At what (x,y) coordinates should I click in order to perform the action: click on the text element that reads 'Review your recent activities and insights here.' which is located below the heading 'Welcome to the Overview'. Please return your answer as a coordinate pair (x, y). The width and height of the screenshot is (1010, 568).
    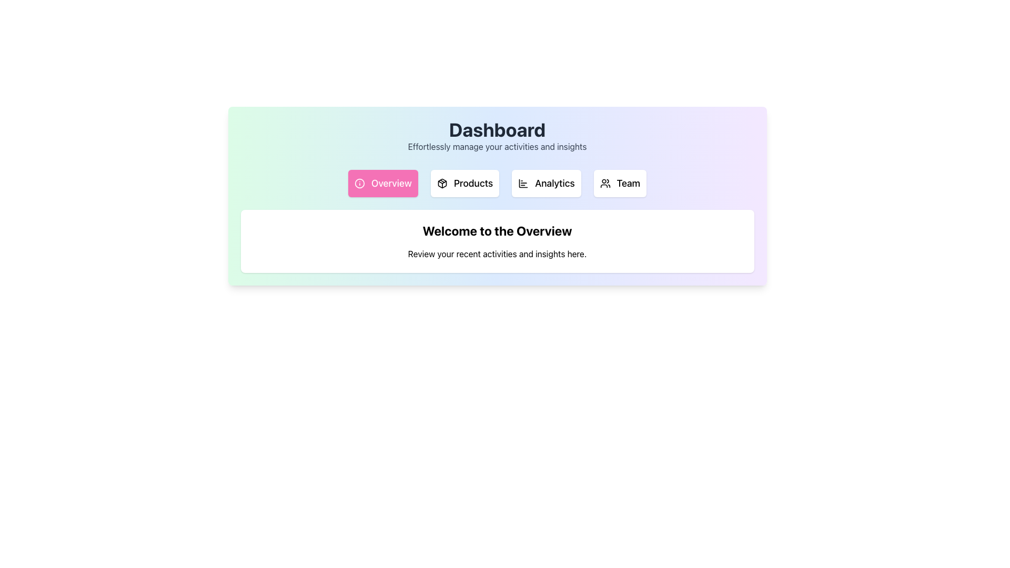
    Looking at the image, I should click on (497, 253).